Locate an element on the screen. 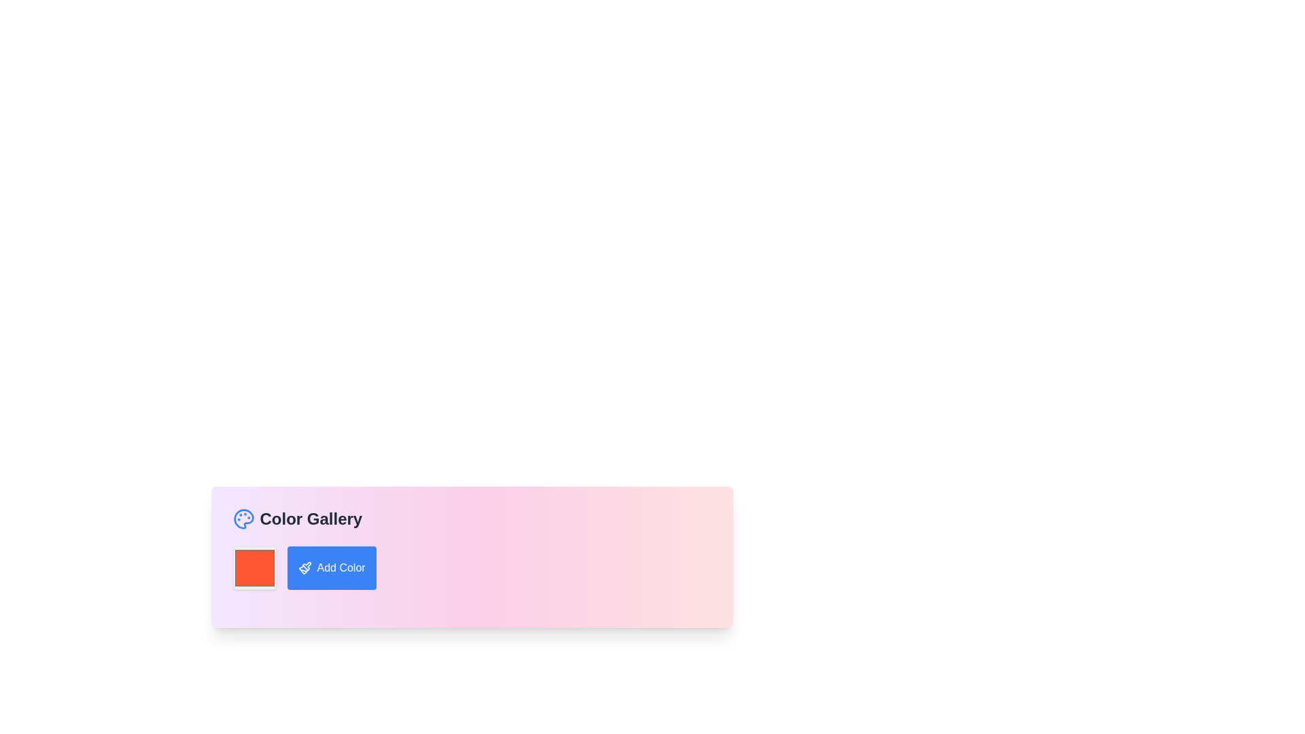 Image resolution: width=1305 pixels, height=734 pixels. the button that triggers the addition of a new color is located at coordinates (332, 568).